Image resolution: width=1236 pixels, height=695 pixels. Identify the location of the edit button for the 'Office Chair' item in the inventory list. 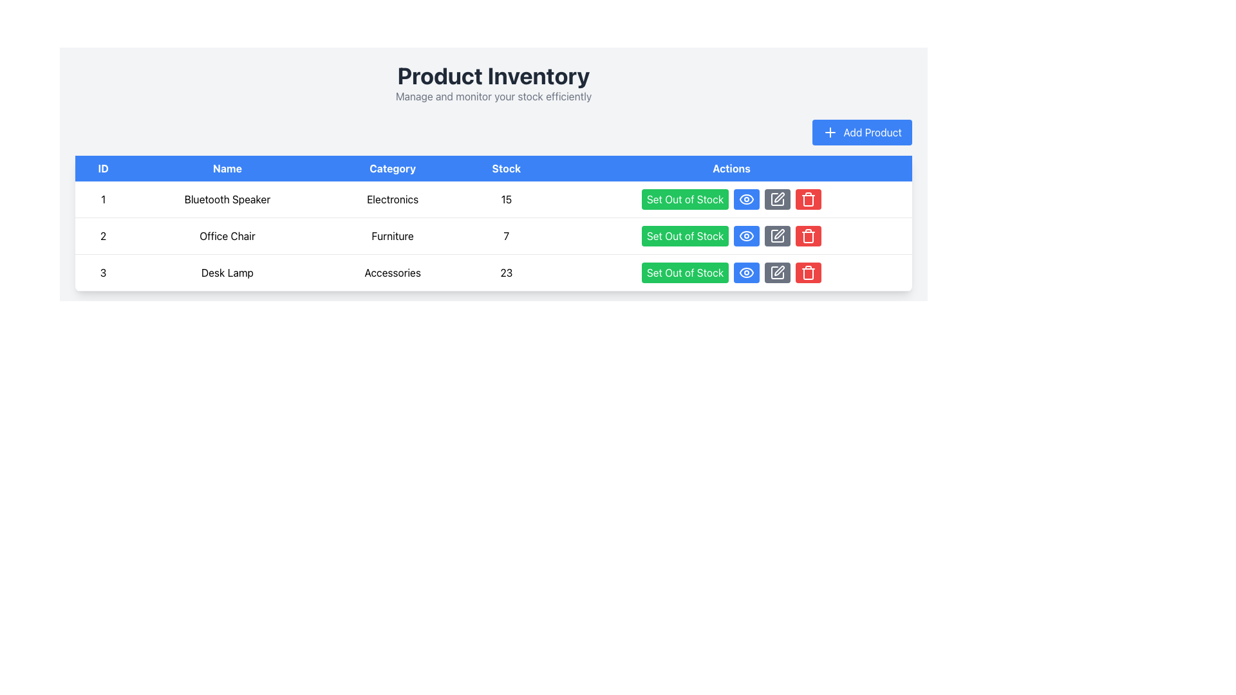
(777, 236).